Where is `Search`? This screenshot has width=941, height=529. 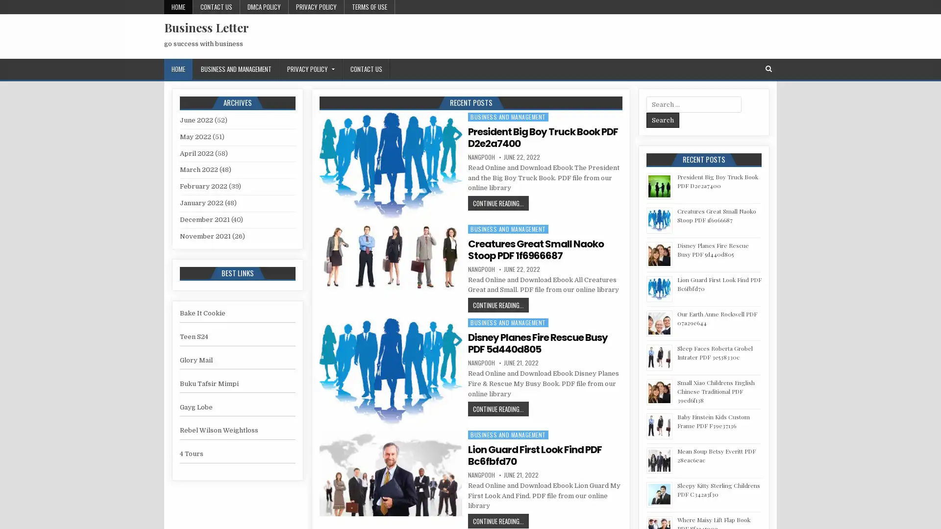
Search is located at coordinates (662, 120).